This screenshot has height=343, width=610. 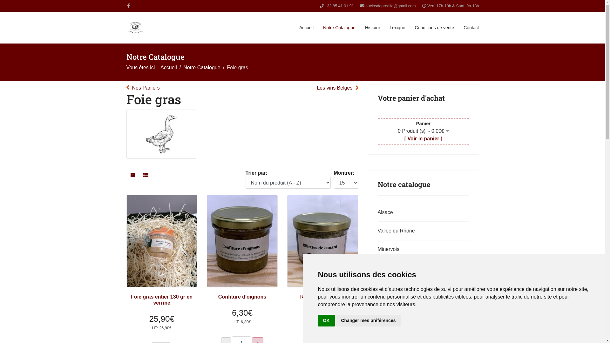 I want to click on 'Alsace', so click(x=422, y=212).